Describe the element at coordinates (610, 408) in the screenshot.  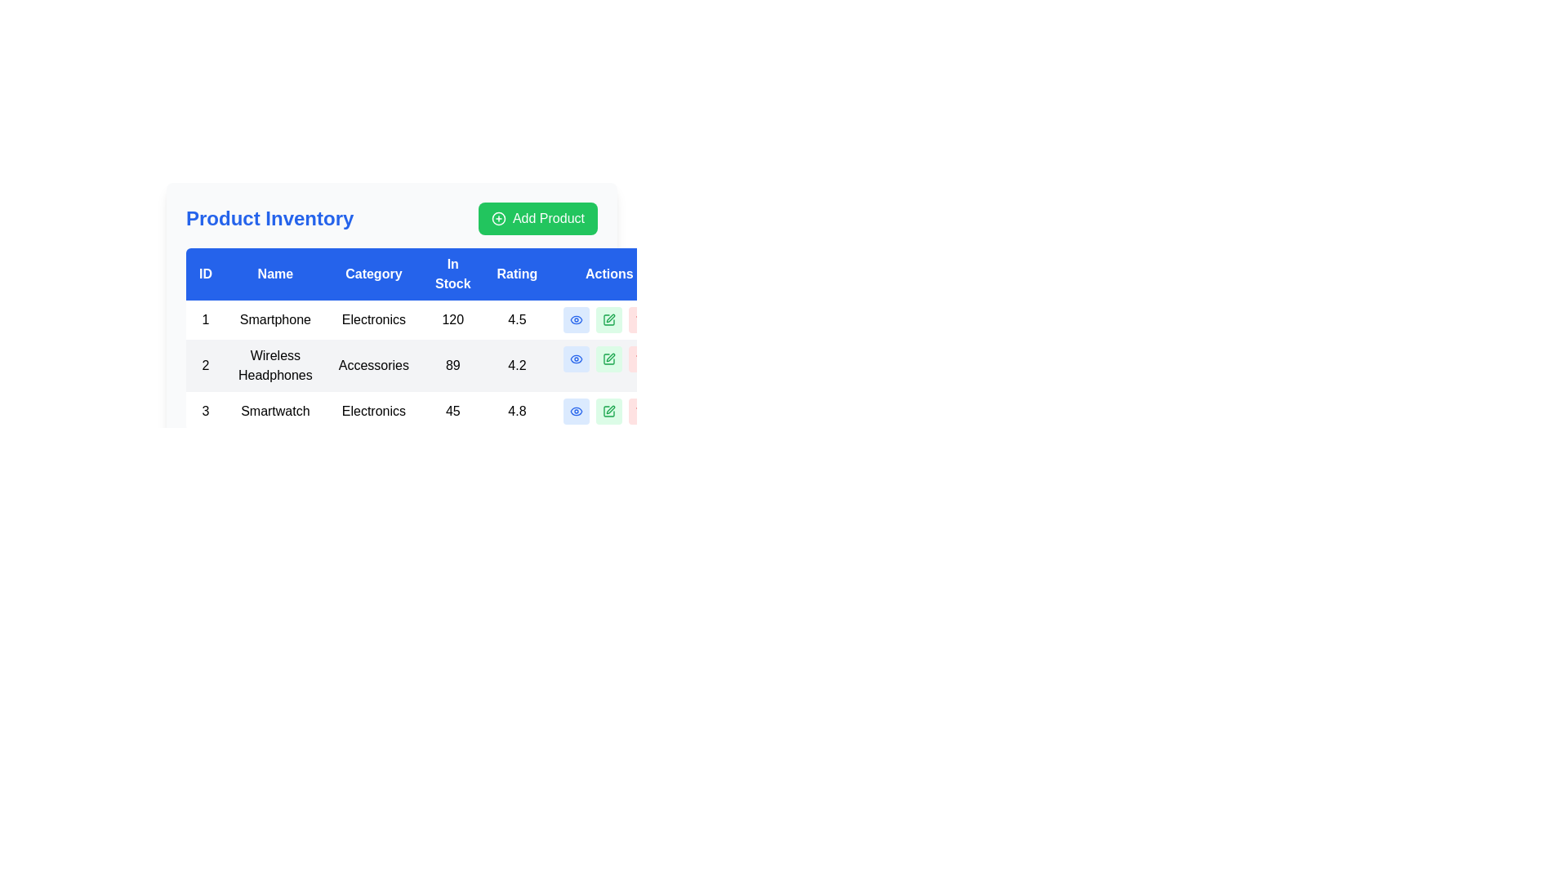
I see `the pen-like icon in the 'Actions' column of the third row of the 'Product Inventory' table` at that location.